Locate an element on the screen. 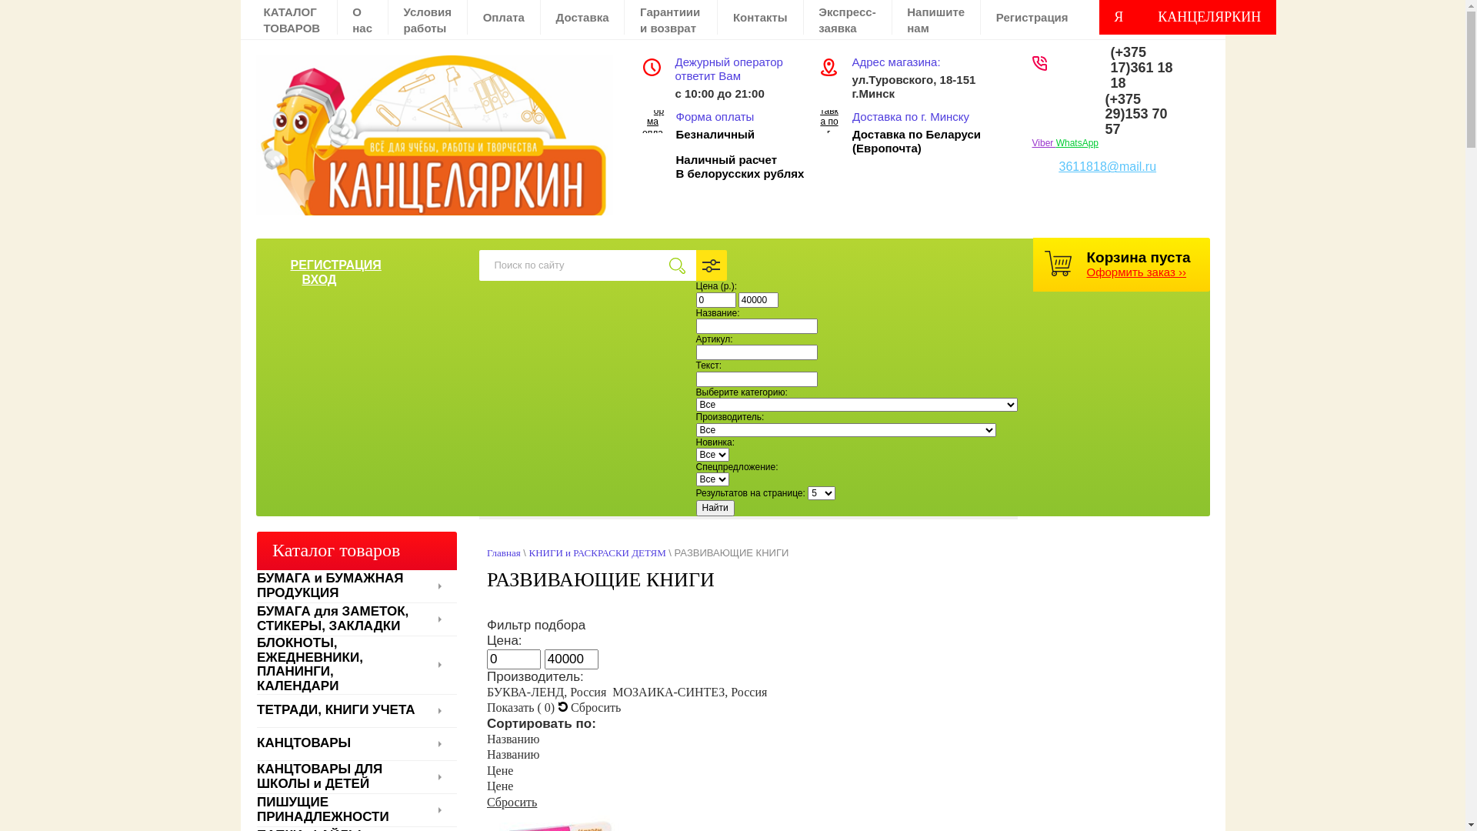 The width and height of the screenshot is (1477, 831). 'WhatsApp' is located at coordinates (1076, 142).